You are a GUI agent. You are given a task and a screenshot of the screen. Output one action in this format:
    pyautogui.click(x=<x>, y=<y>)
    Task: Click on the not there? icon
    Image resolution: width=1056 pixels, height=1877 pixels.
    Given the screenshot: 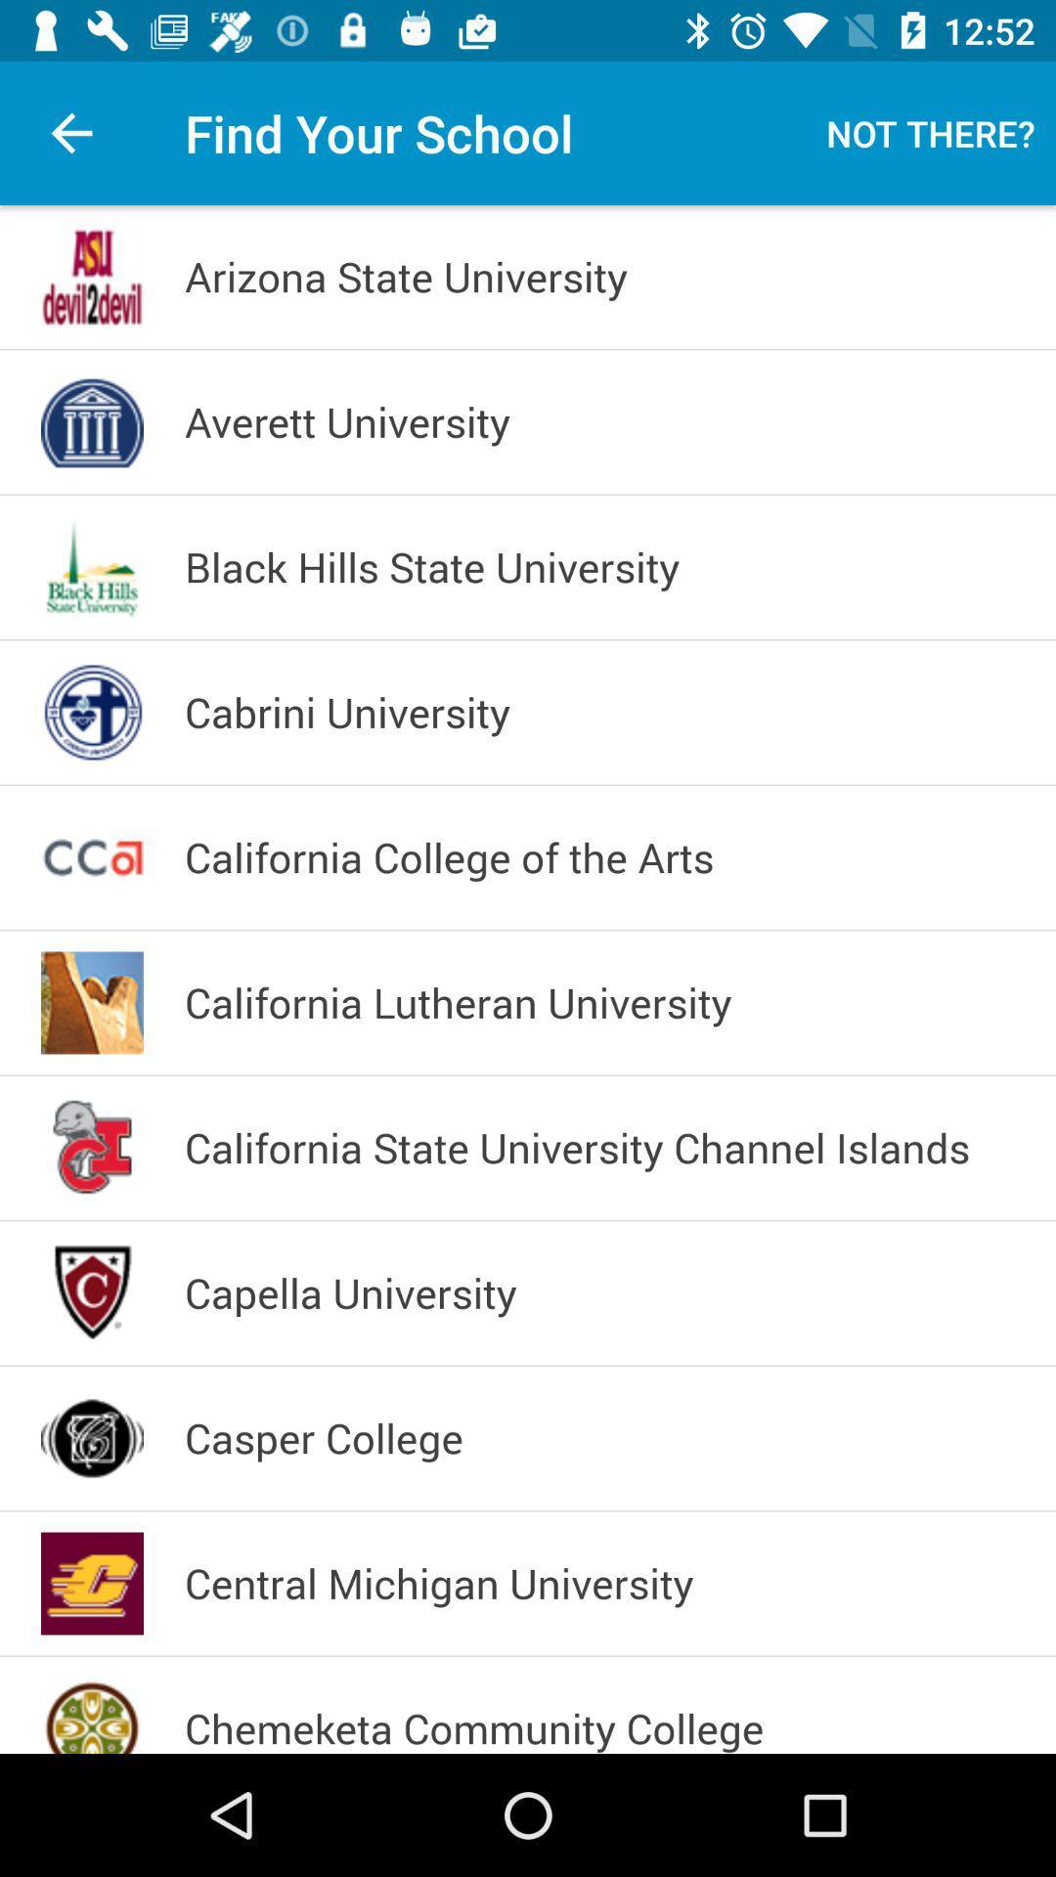 What is the action you would take?
    pyautogui.click(x=930, y=132)
    